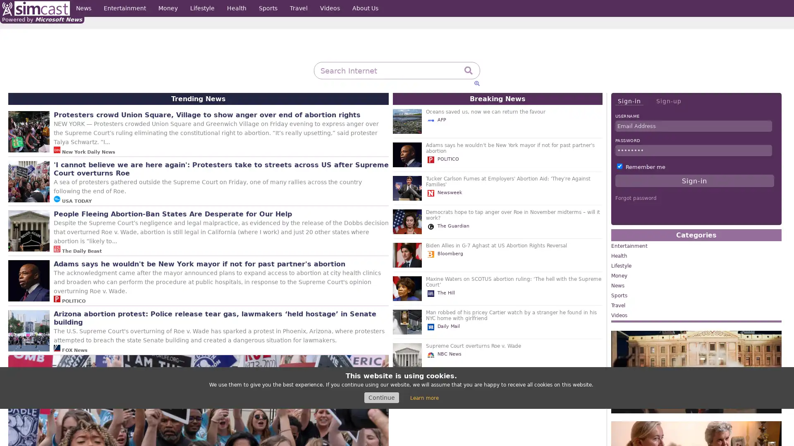 The width and height of the screenshot is (794, 446). I want to click on Sign-in, so click(629, 101).